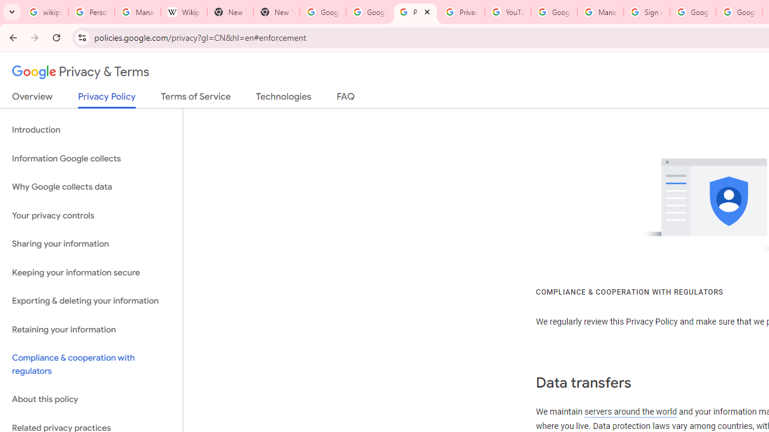 The width and height of the screenshot is (769, 432). I want to click on 'Privacy & Terms', so click(81, 72).